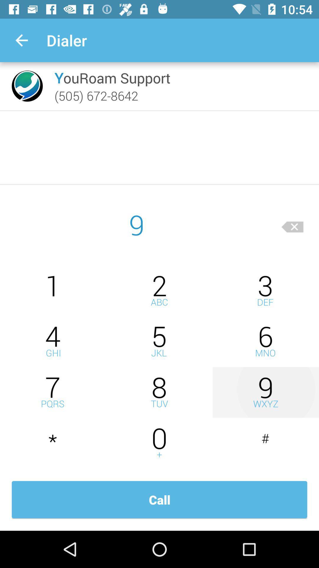 The height and width of the screenshot is (568, 319). What do you see at coordinates (159, 341) in the screenshot?
I see `type number five` at bounding box center [159, 341].